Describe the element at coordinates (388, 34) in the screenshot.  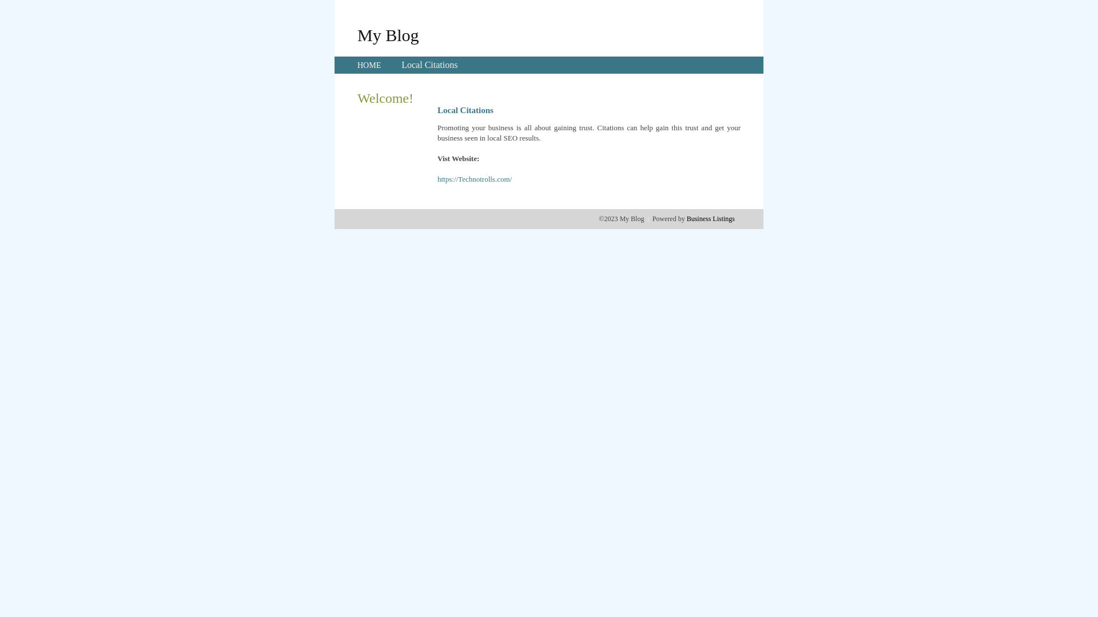
I see `'My Blog'` at that location.